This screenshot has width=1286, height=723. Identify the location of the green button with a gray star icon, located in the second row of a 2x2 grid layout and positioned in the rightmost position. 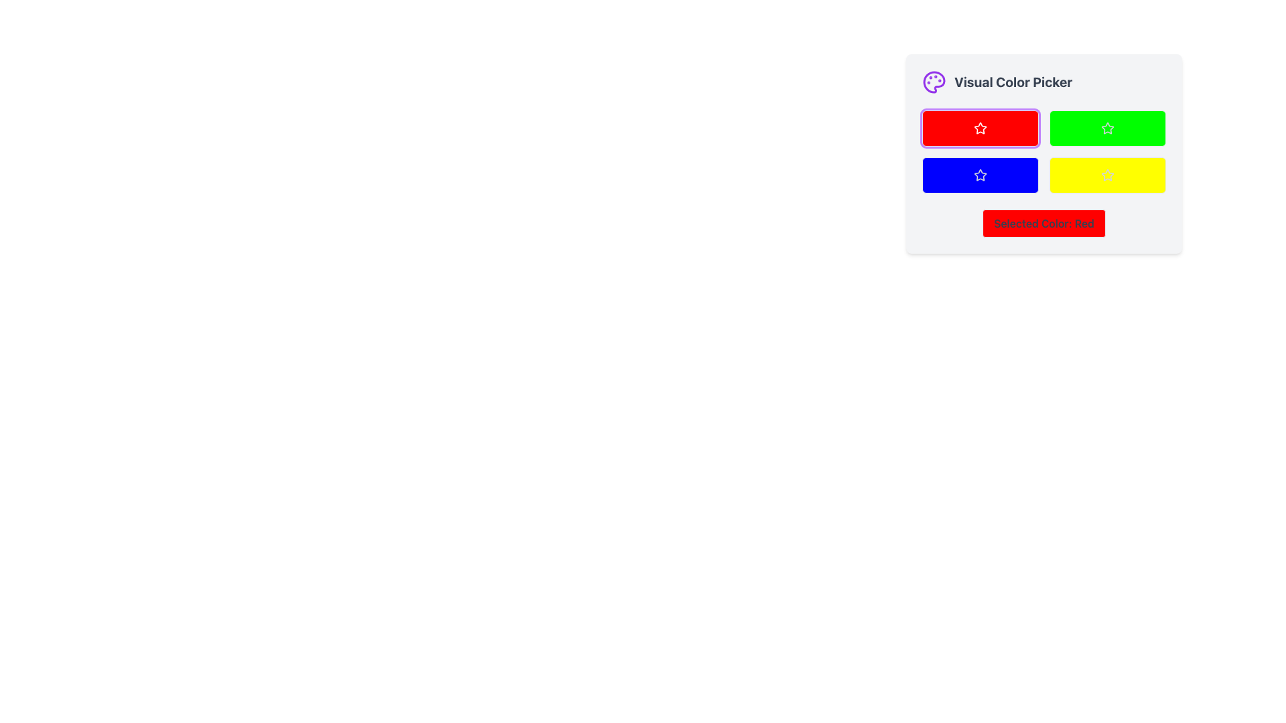
(1108, 129).